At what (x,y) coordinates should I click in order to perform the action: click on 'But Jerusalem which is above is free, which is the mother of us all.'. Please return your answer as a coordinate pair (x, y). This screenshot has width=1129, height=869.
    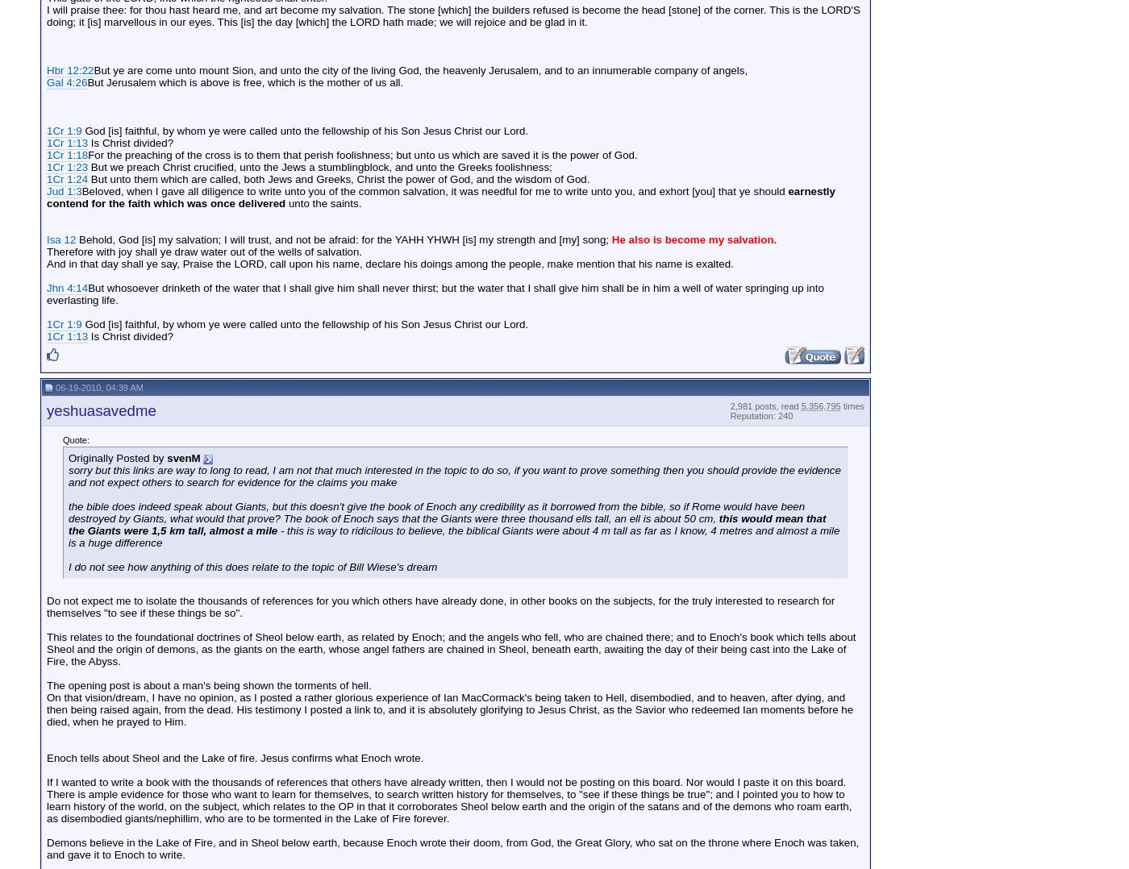
    Looking at the image, I should click on (86, 81).